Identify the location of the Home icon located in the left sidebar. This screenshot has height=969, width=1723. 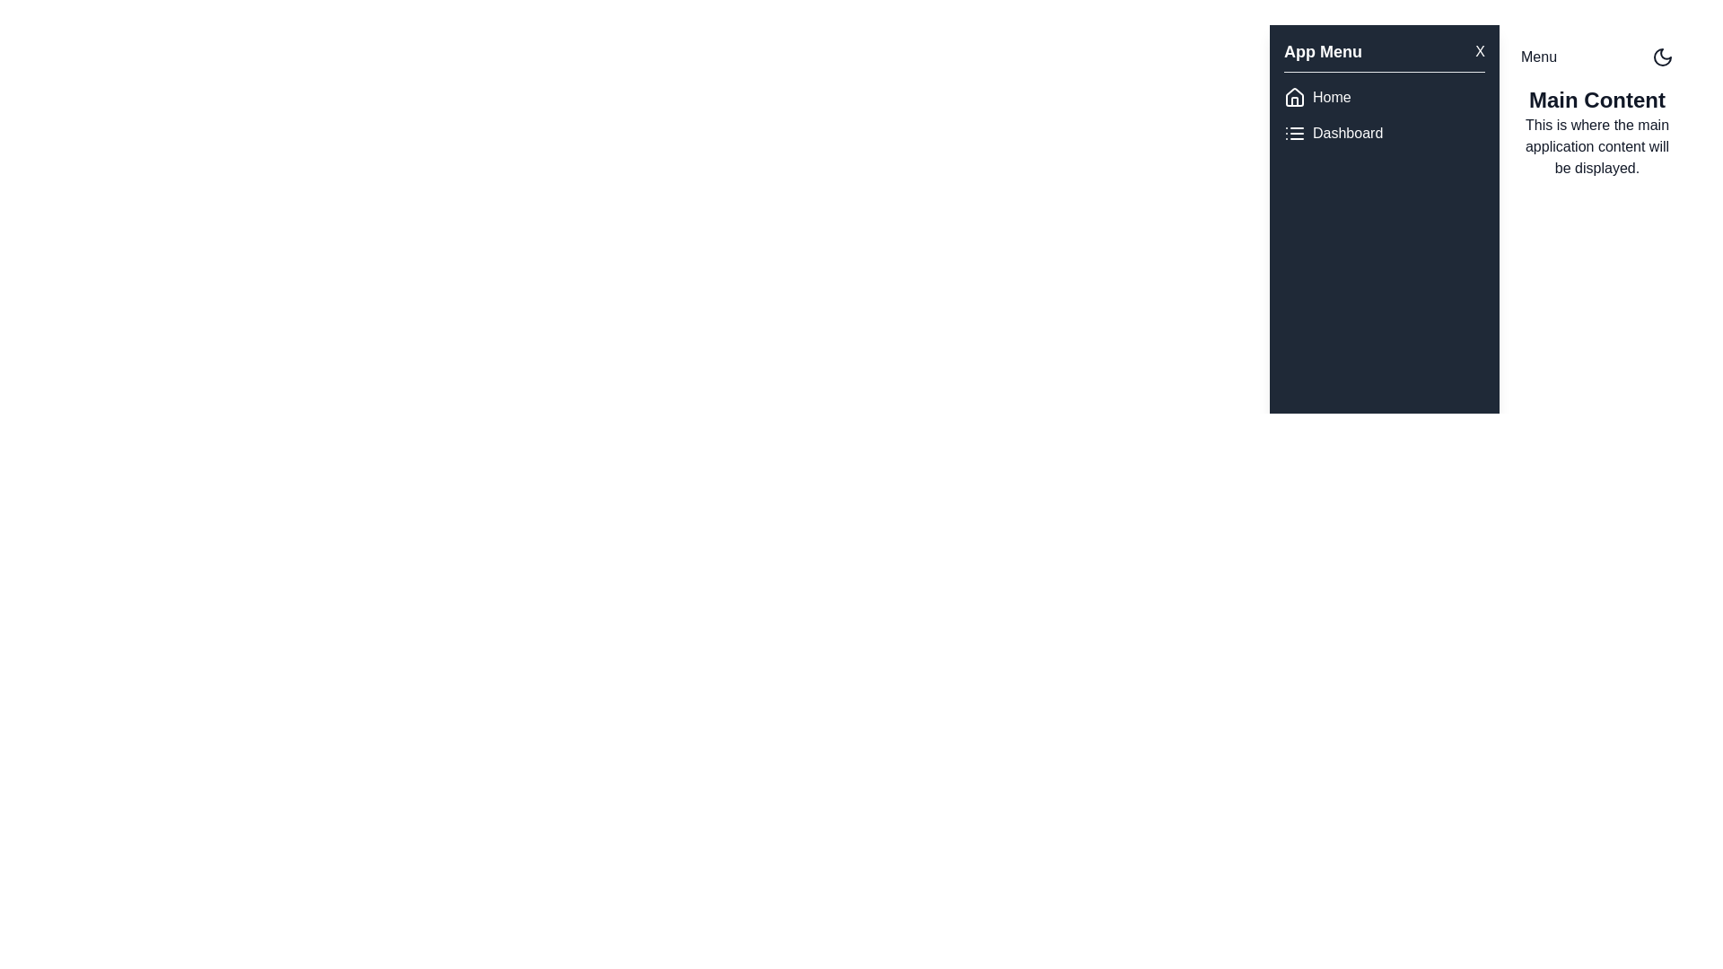
(1295, 97).